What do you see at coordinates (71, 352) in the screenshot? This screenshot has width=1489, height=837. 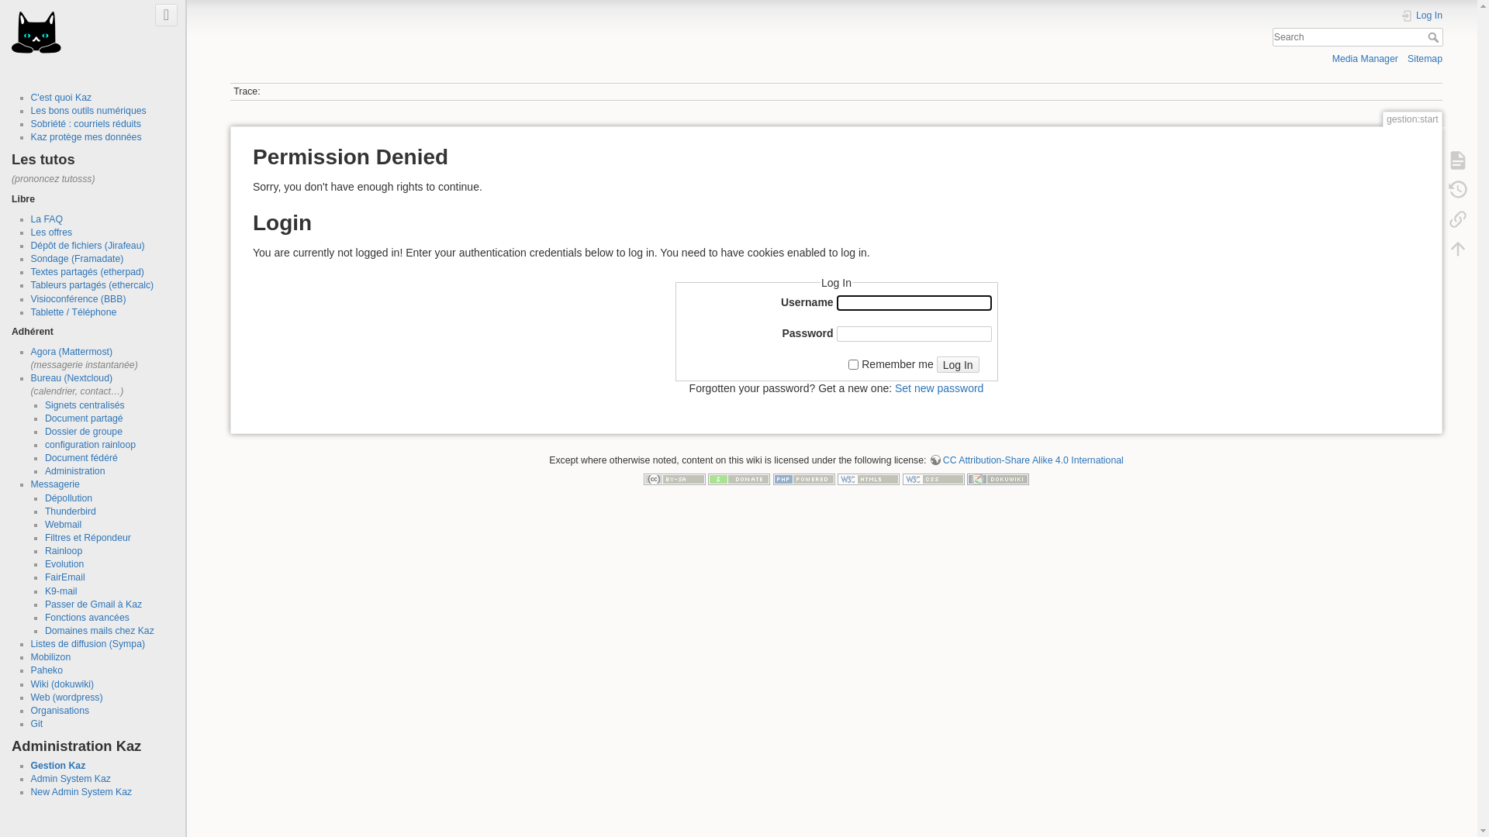 I see `'Agora (Mattermost)'` at bounding box center [71, 352].